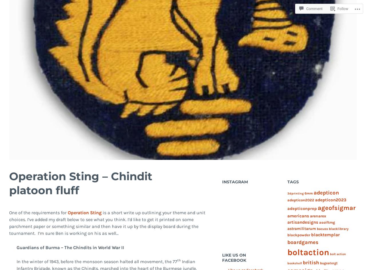 The height and width of the screenshot is (270, 366). I want to click on 'bolt action', so click(338, 253).